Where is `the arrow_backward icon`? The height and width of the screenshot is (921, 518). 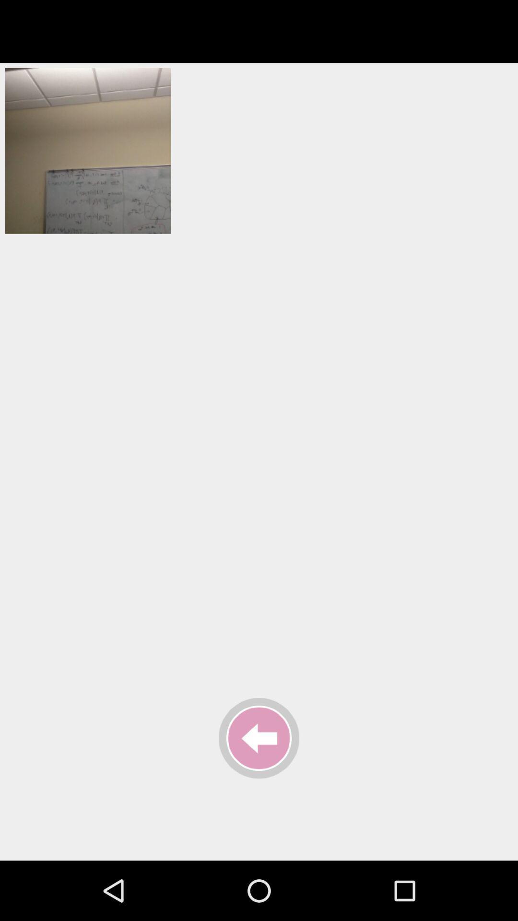
the arrow_backward icon is located at coordinates (259, 738).